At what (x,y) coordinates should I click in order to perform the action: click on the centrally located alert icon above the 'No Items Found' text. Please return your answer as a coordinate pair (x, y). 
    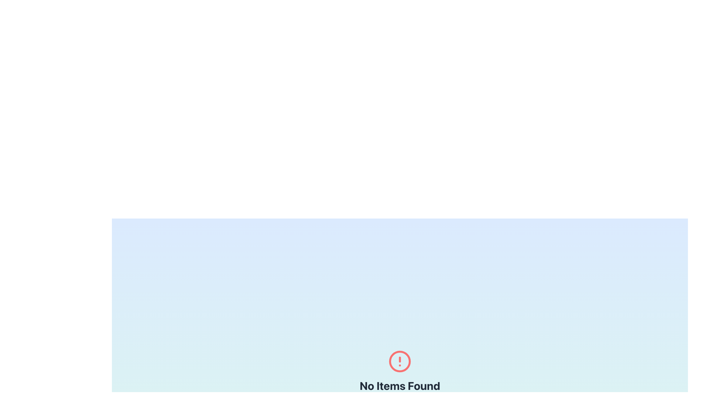
    Looking at the image, I should click on (400, 361).